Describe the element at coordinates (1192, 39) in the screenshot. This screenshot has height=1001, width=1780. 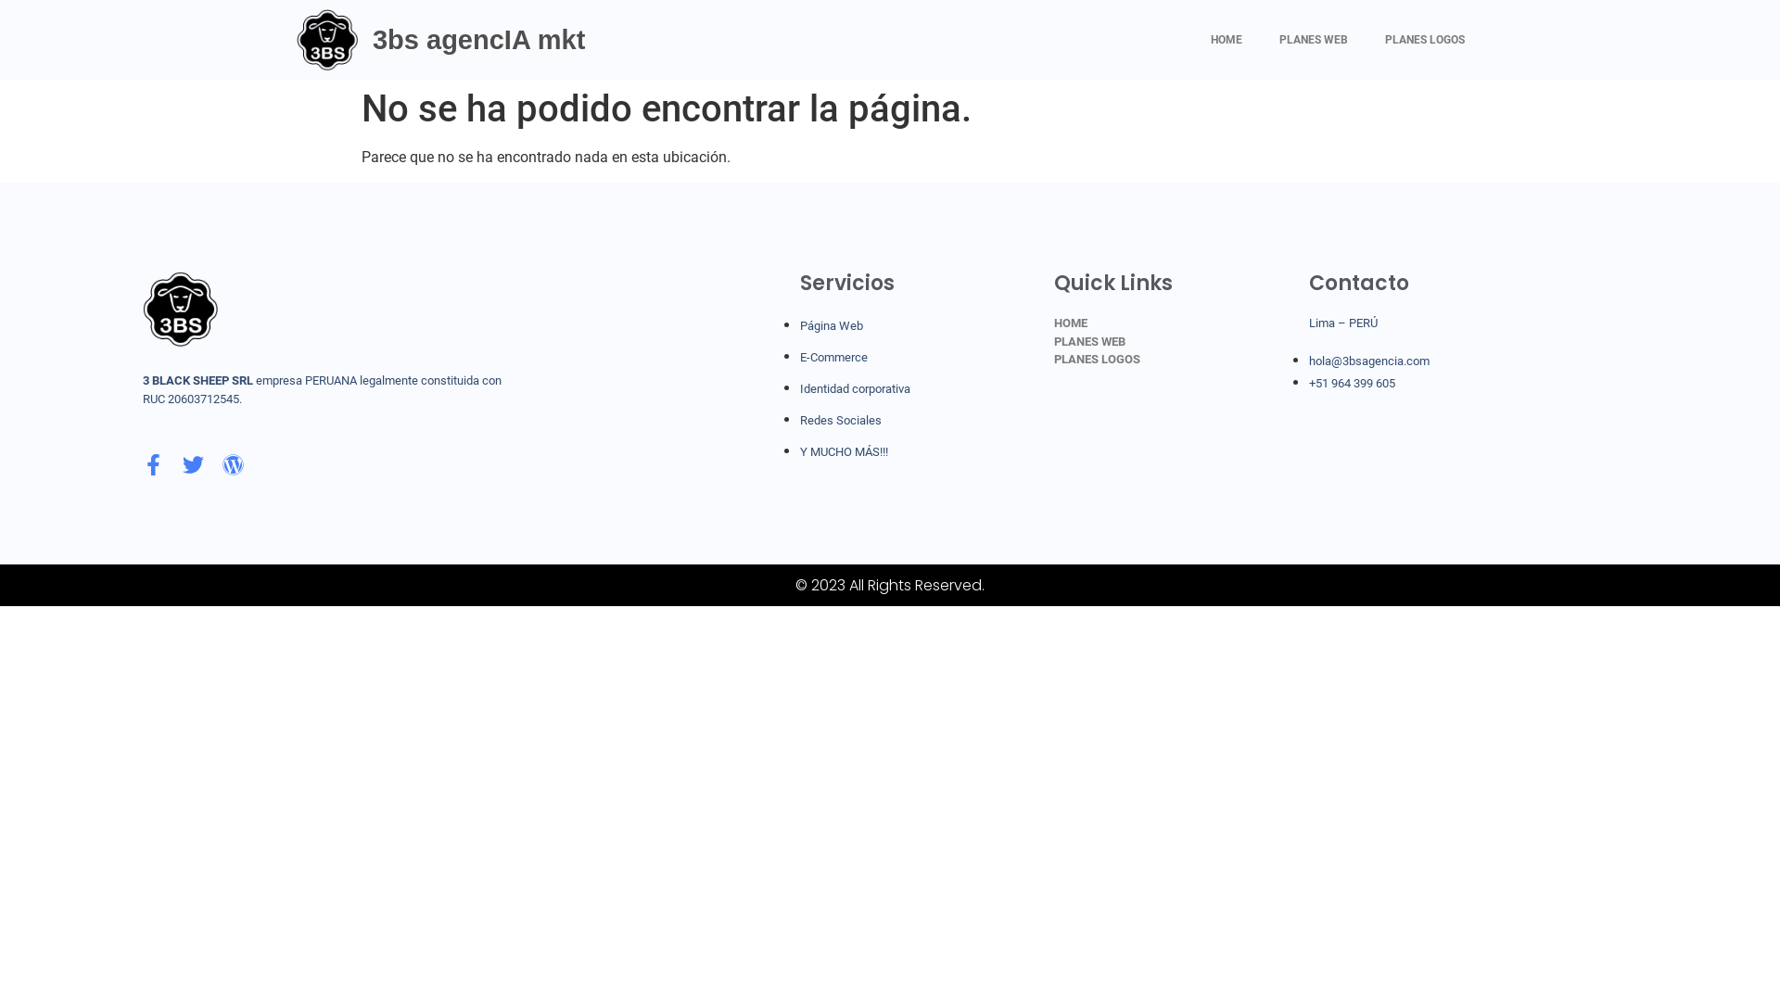
I see `'HOME'` at that location.